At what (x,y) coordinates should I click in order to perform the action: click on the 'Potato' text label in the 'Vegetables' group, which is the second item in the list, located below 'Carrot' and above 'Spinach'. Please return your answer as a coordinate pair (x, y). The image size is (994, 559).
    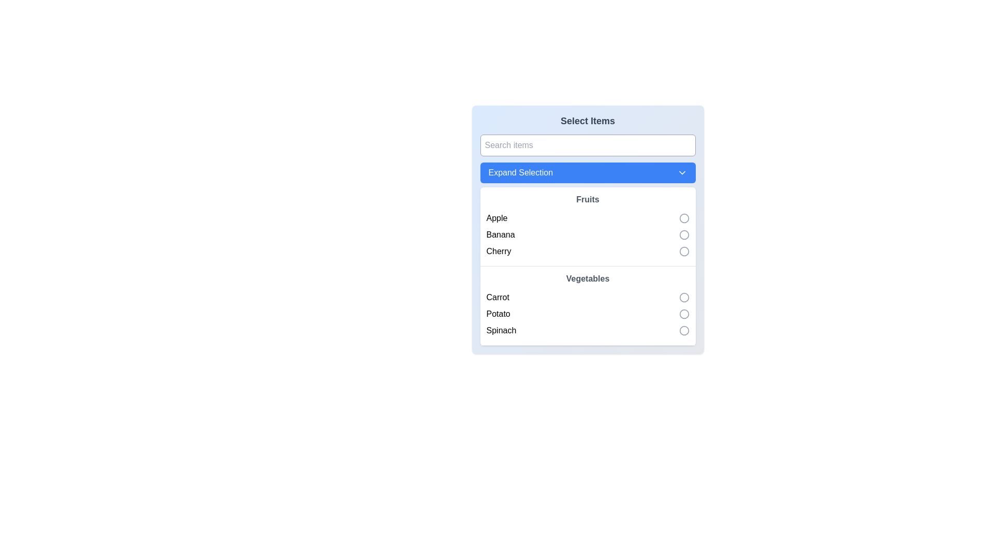
    Looking at the image, I should click on (498, 313).